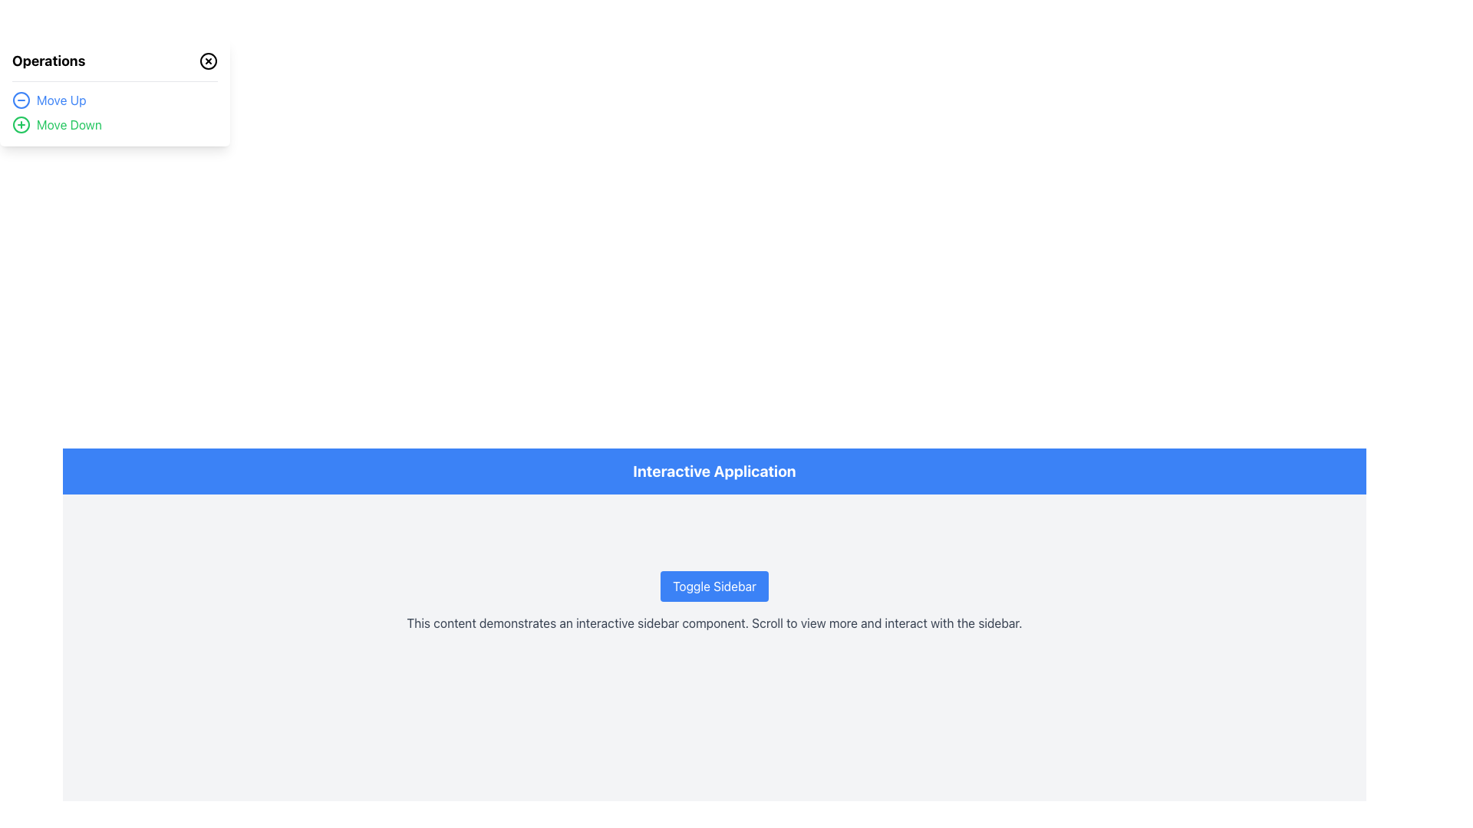 The width and height of the screenshot is (1473, 828). What do you see at coordinates (208, 61) in the screenshot?
I see `the close button located at the top-right corner of the 'Operations' section` at bounding box center [208, 61].